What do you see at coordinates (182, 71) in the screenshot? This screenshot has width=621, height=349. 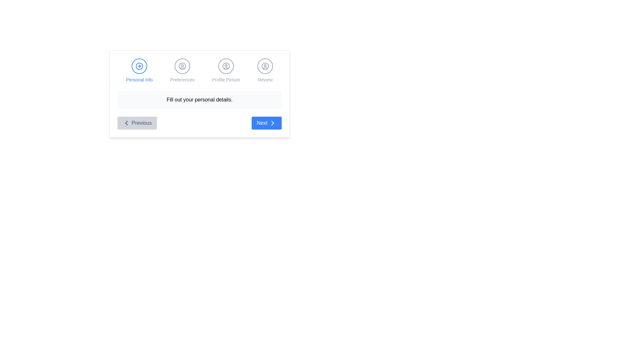 I see `the 'Preferences' navigation item, which is represented by a circular icon with a user silhouette and is located in the second position of the horizontal navigation bar` at bounding box center [182, 71].